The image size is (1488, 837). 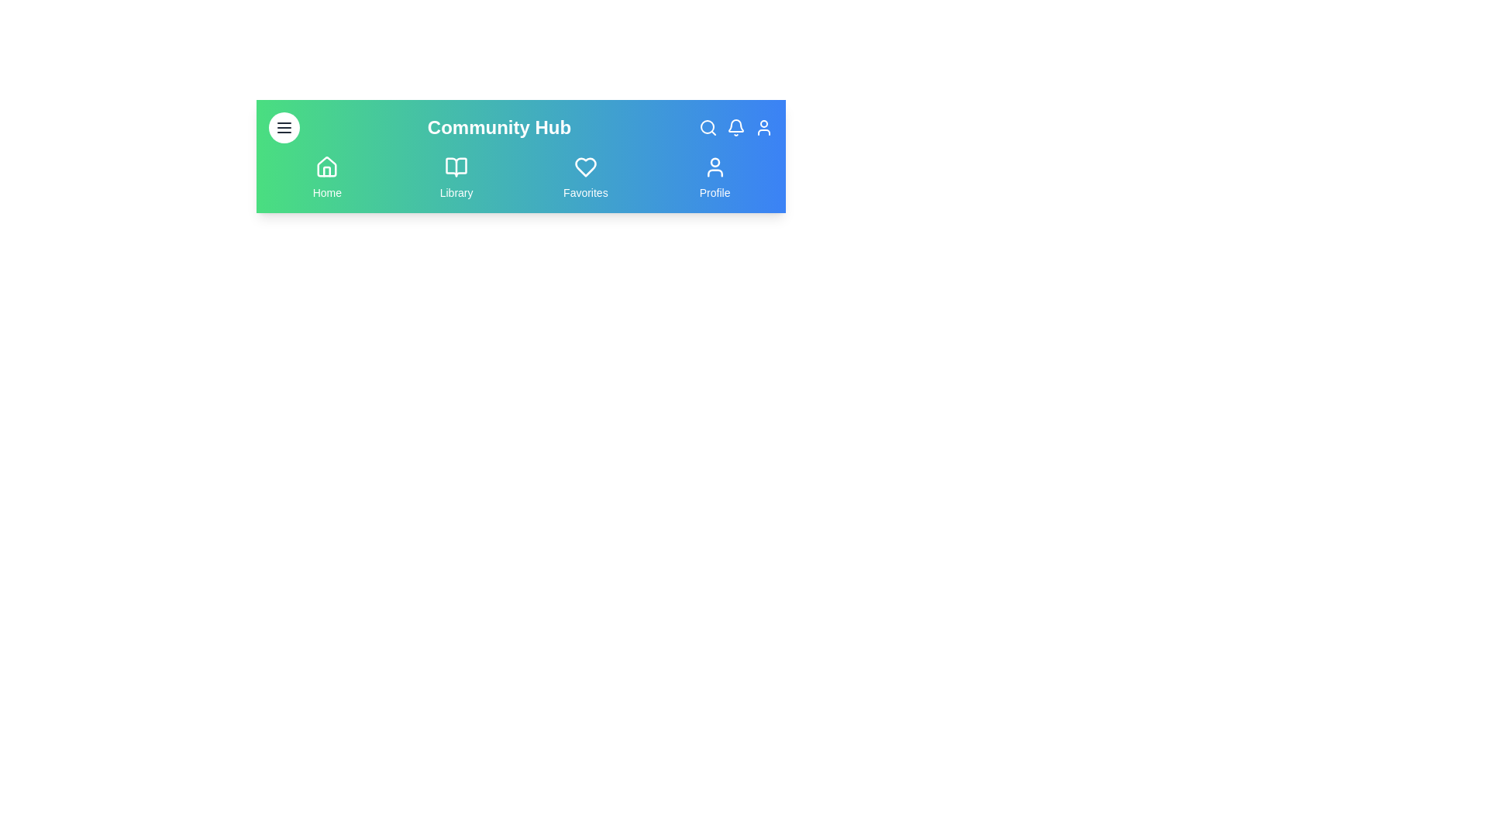 I want to click on the Search icon in the top right of the navigation bar, so click(x=707, y=127).